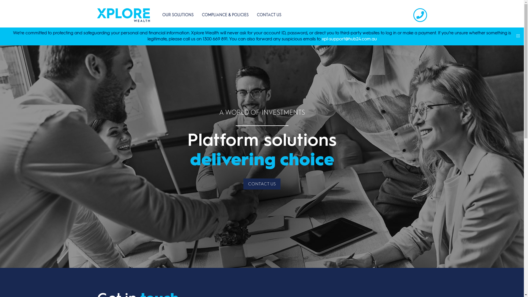 The height and width of the screenshot is (297, 528). I want to click on 'CONTACT US', so click(262, 184).